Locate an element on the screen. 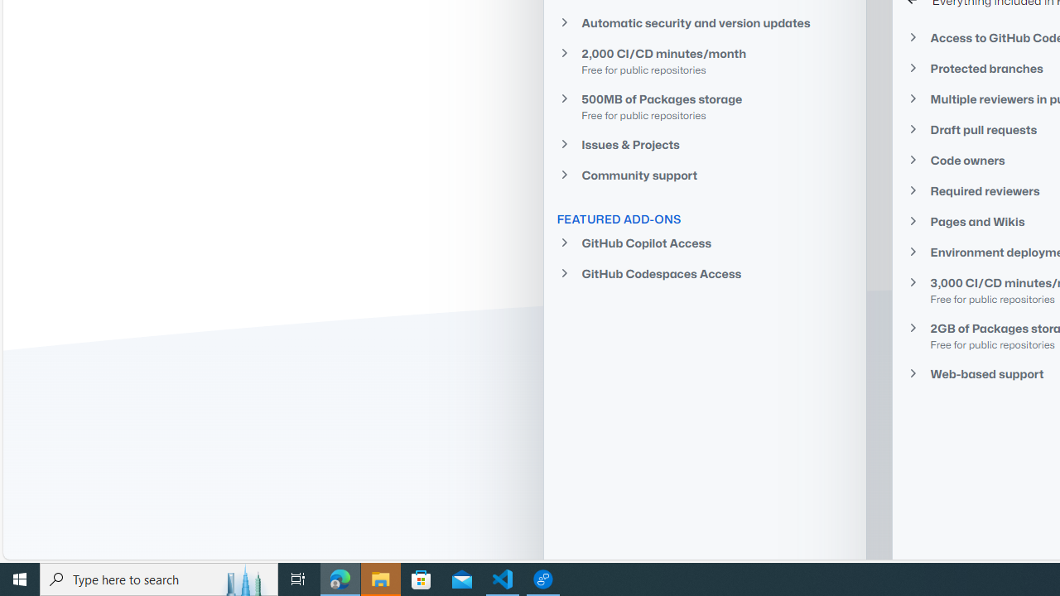 The width and height of the screenshot is (1060, 596). '2,000 CI/CD minutes/monthFree for public repositories' is located at coordinates (705, 60).